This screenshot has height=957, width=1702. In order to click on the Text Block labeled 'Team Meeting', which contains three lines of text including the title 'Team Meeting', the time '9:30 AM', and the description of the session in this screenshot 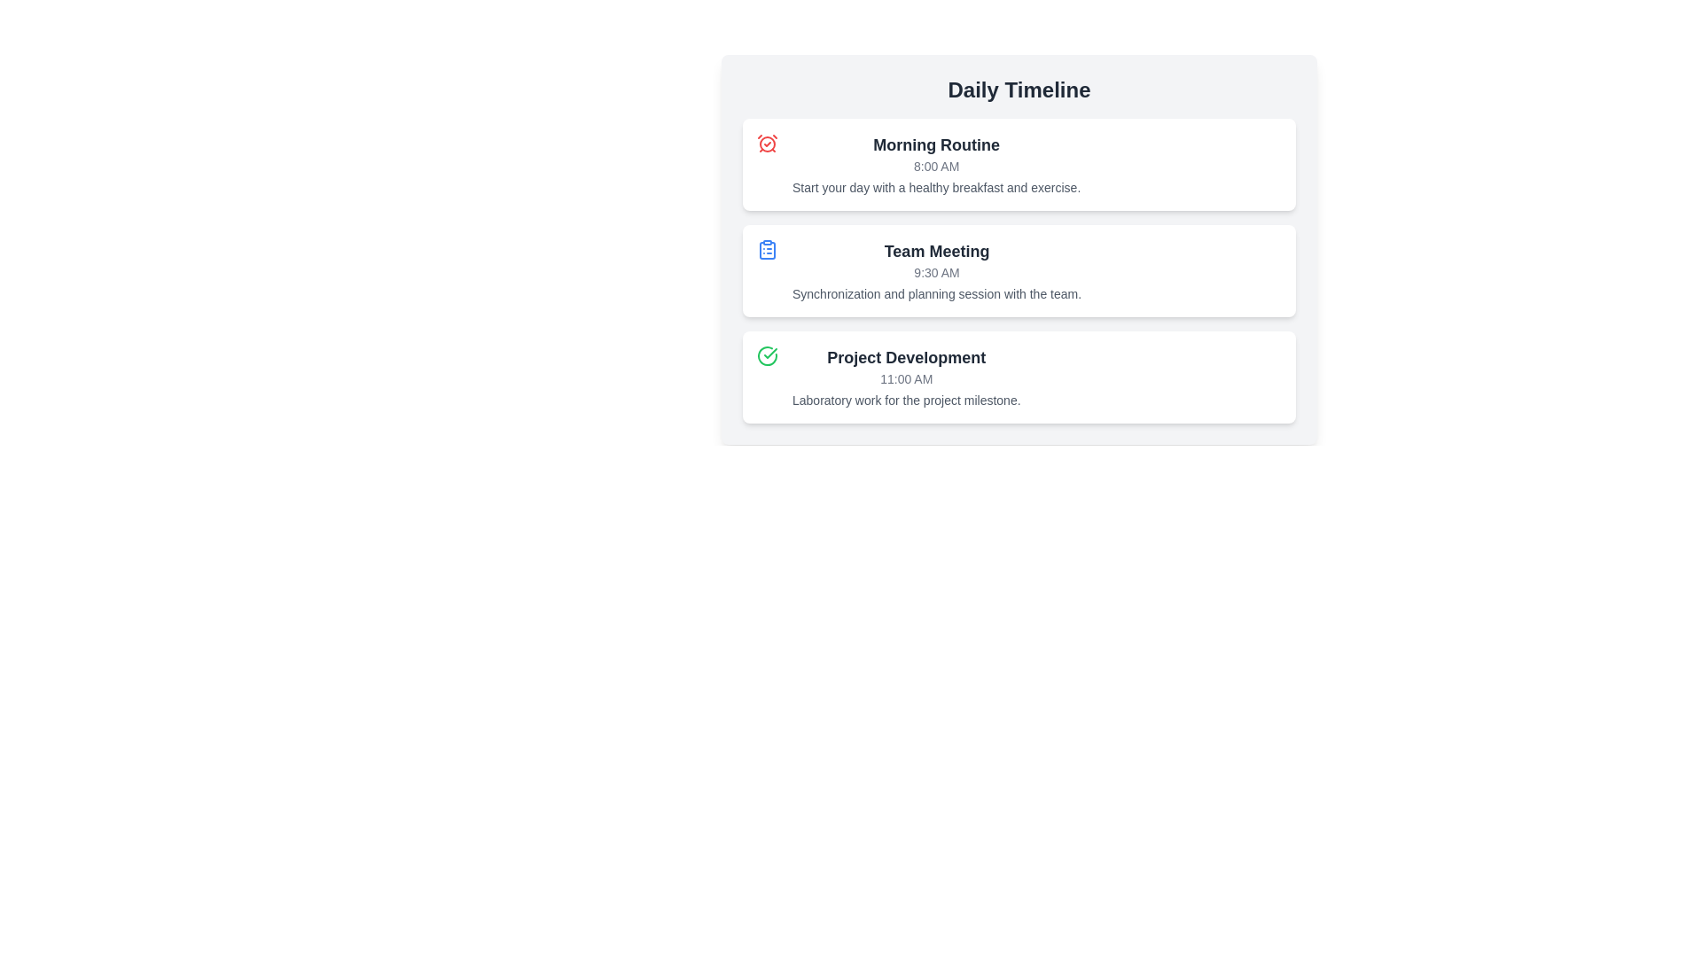, I will do `click(935, 270)`.